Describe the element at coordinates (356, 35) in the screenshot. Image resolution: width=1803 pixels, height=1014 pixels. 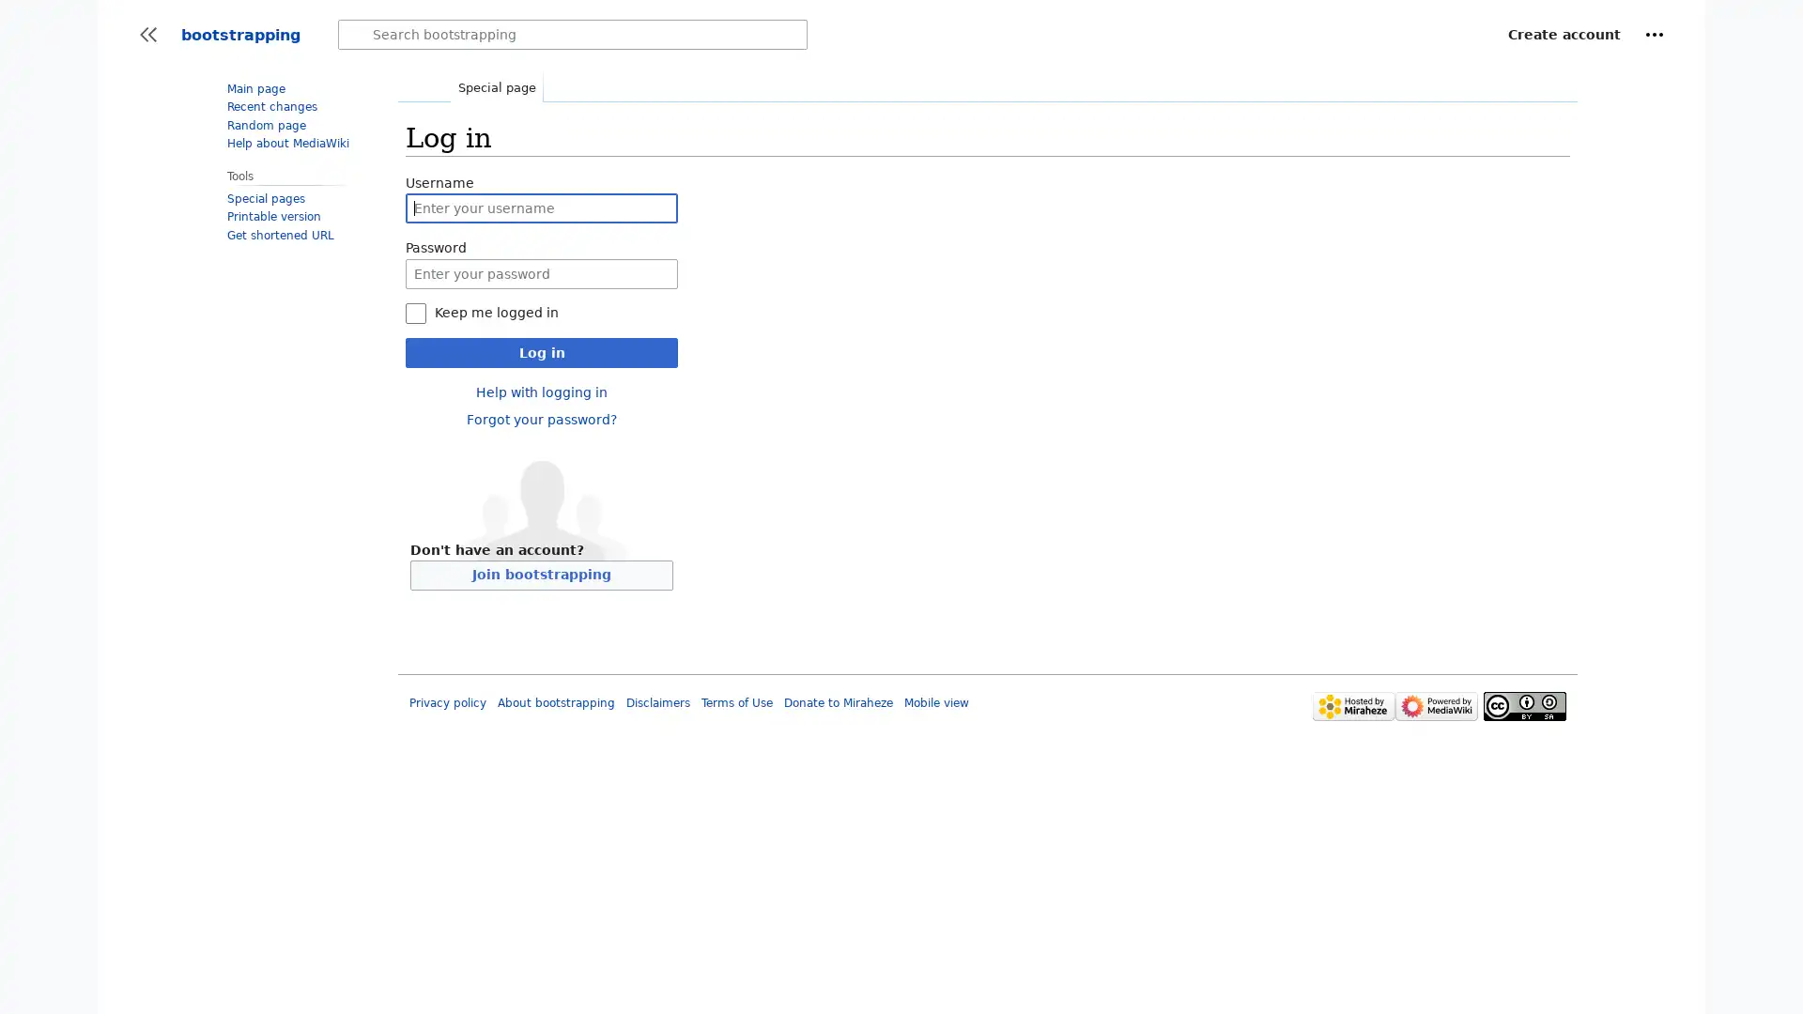
I see `Search` at that location.